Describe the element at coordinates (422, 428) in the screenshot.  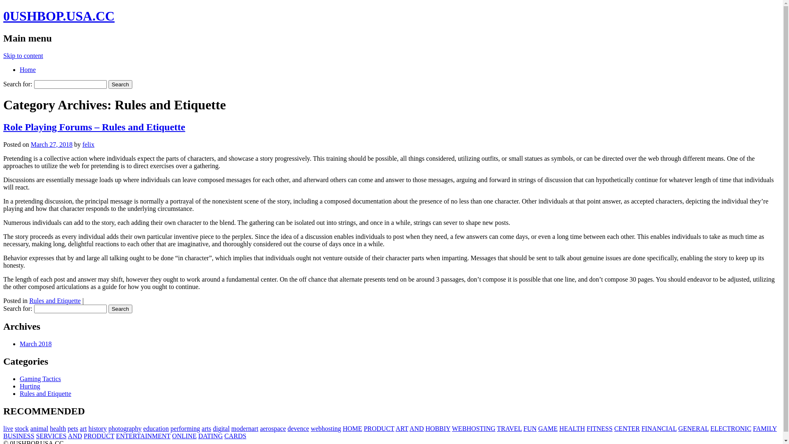
I see `'D'` at that location.